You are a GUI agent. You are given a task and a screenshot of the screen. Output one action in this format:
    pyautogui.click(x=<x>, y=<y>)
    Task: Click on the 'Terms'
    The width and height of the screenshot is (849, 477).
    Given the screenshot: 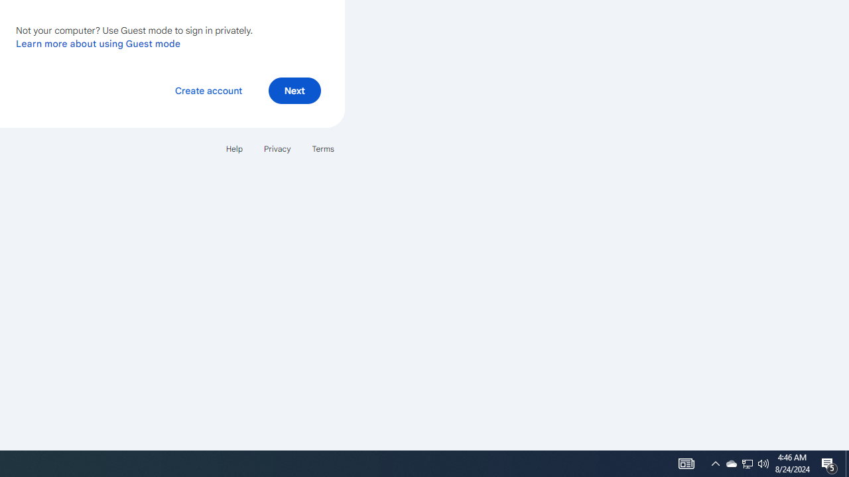 What is the action you would take?
    pyautogui.click(x=323, y=148)
    